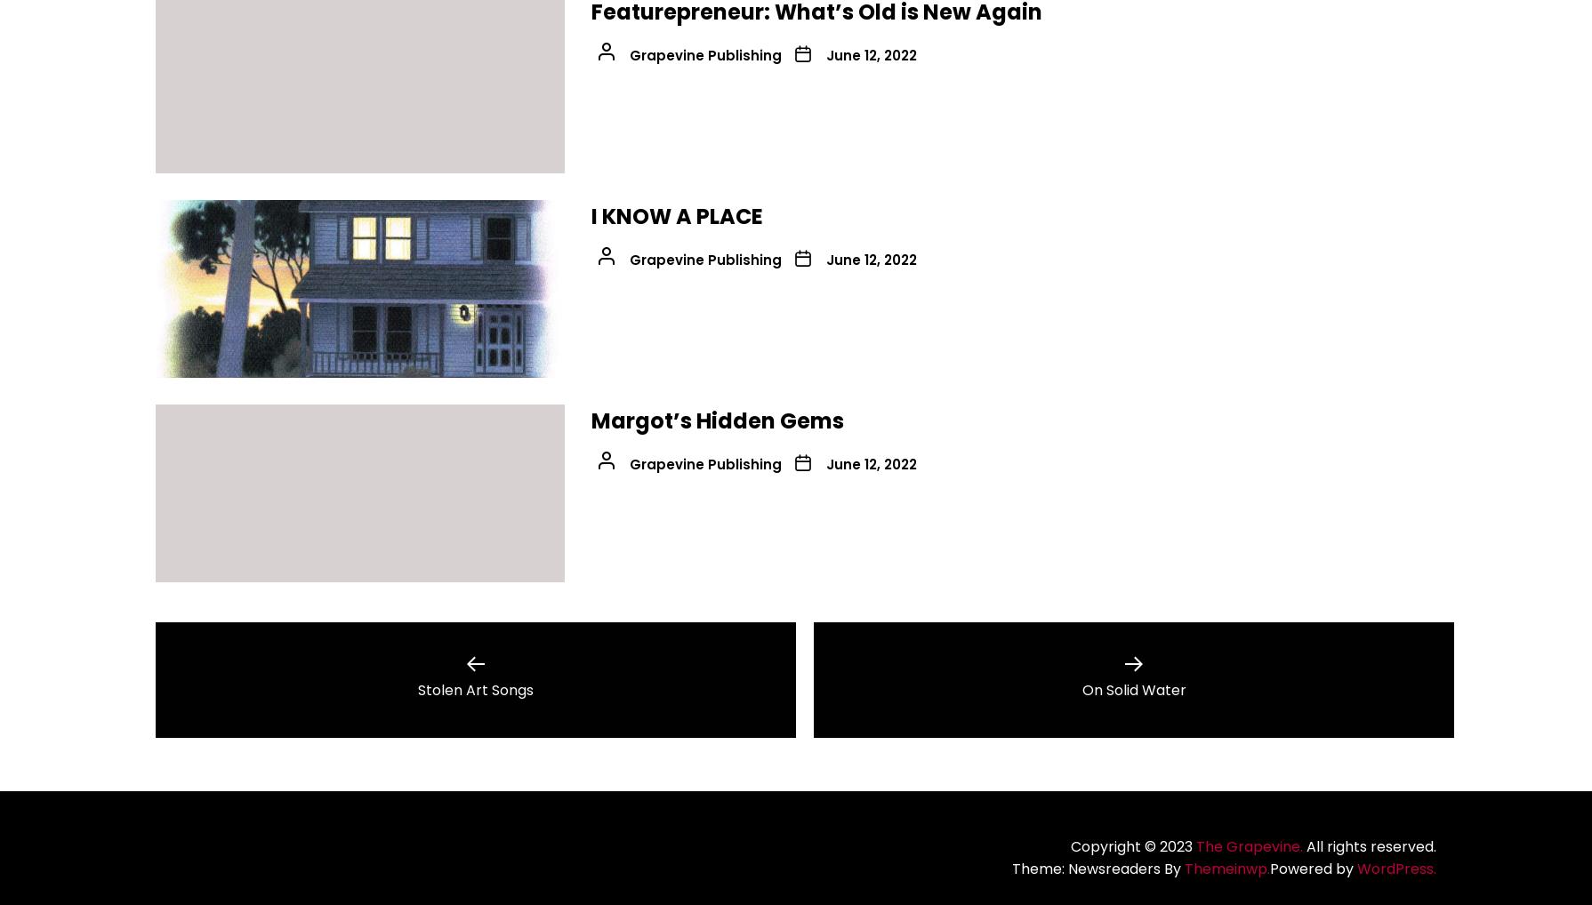 This screenshot has height=905, width=1592. What do you see at coordinates (1248, 845) in the screenshot?
I see `'The Grapevine.'` at bounding box center [1248, 845].